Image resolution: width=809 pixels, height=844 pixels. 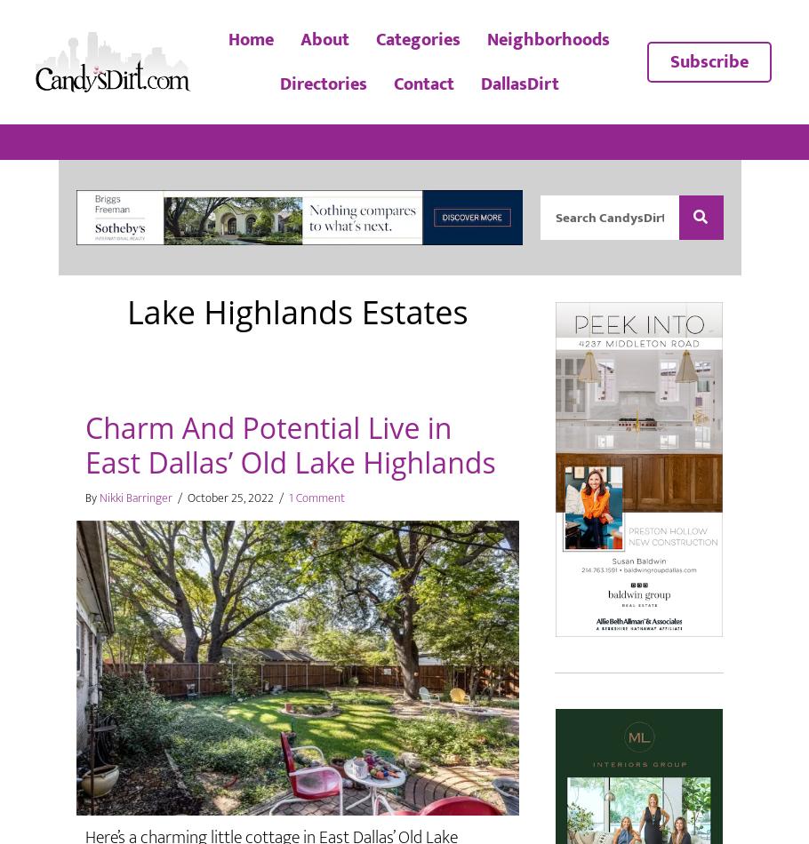 I want to click on 'By', so click(x=92, y=497).